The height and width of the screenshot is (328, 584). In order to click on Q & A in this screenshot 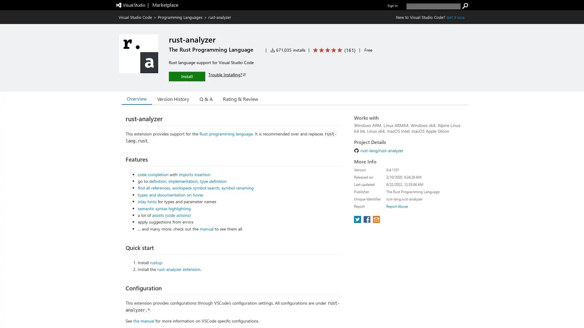, I will do `click(206, 98)`.